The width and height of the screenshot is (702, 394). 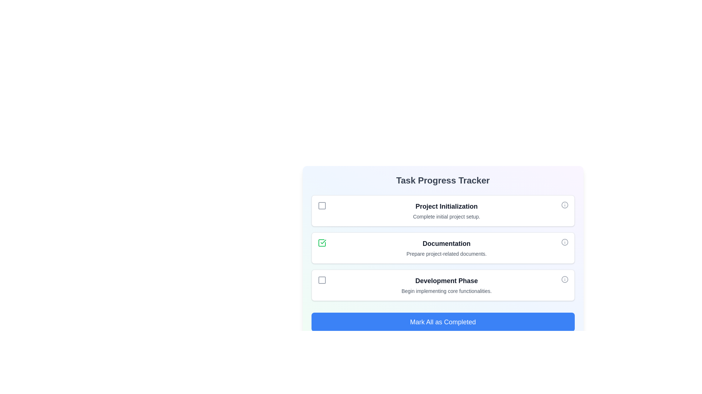 I want to click on the checkbox associated with 'Project Initialization' for visual feedback, so click(x=322, y=205).